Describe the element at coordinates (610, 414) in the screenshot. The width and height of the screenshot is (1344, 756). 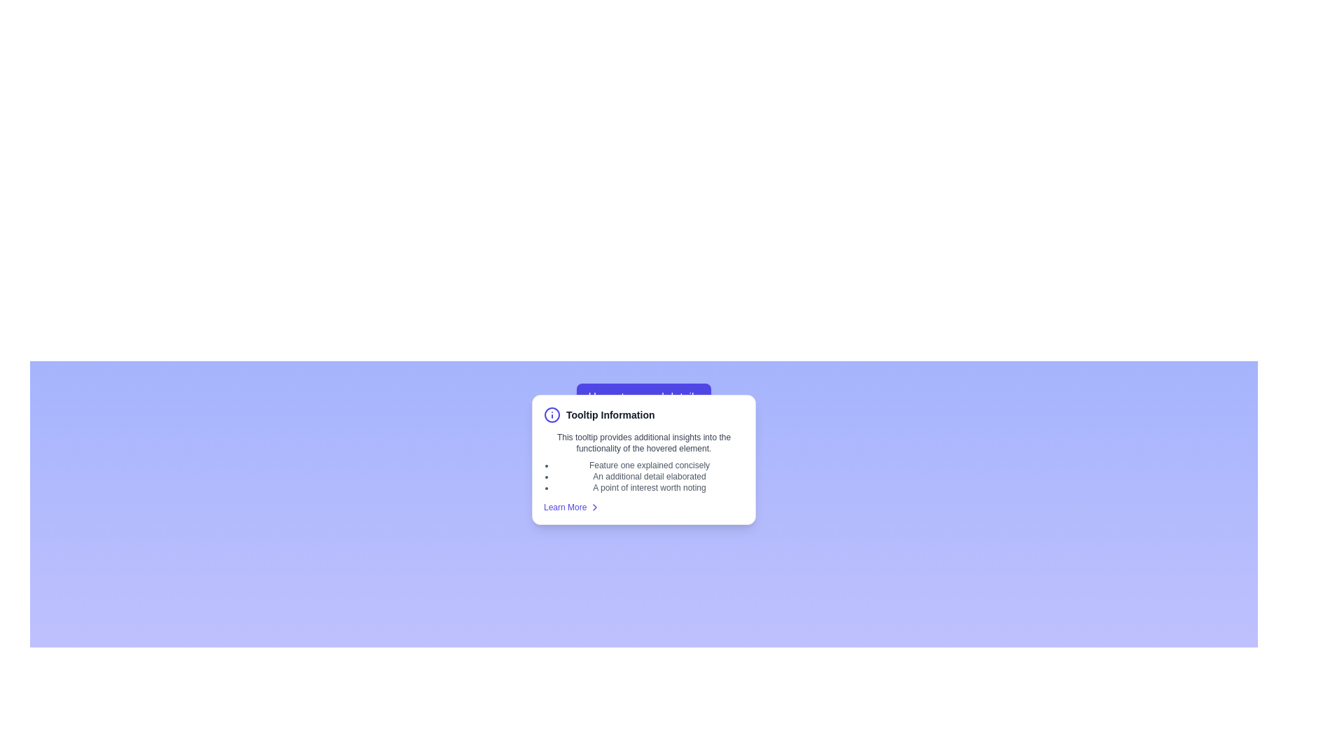
I see `text label located to the right of the info symbol within the tooltip box, which is presented on a gradient blue background` at that location.